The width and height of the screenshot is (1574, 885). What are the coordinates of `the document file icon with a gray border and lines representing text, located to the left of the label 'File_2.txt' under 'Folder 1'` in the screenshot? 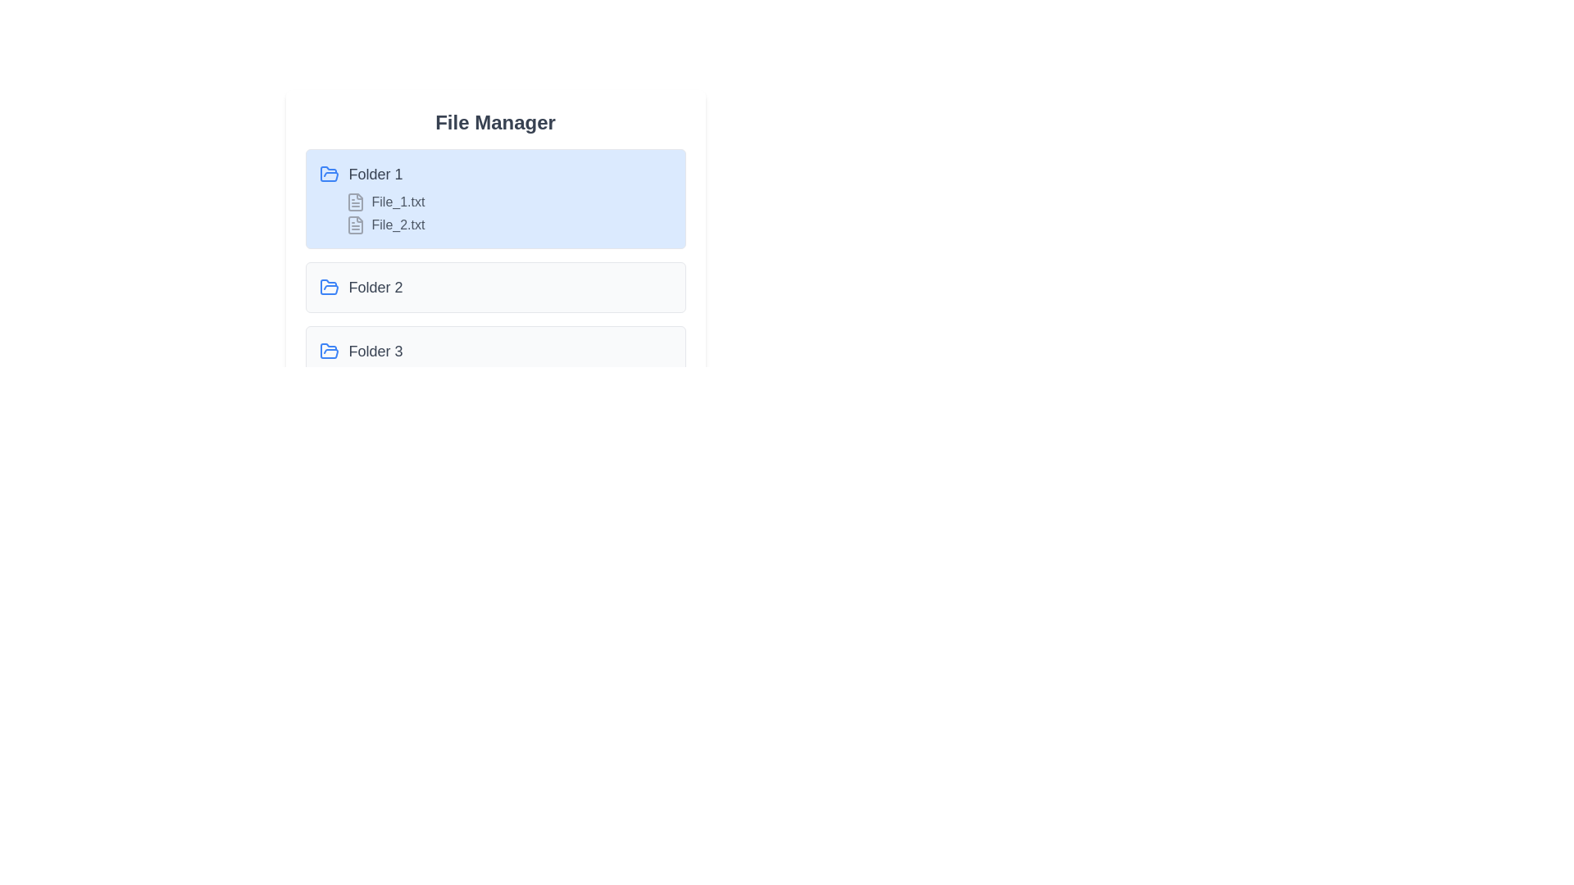 It's located at (354, 225).